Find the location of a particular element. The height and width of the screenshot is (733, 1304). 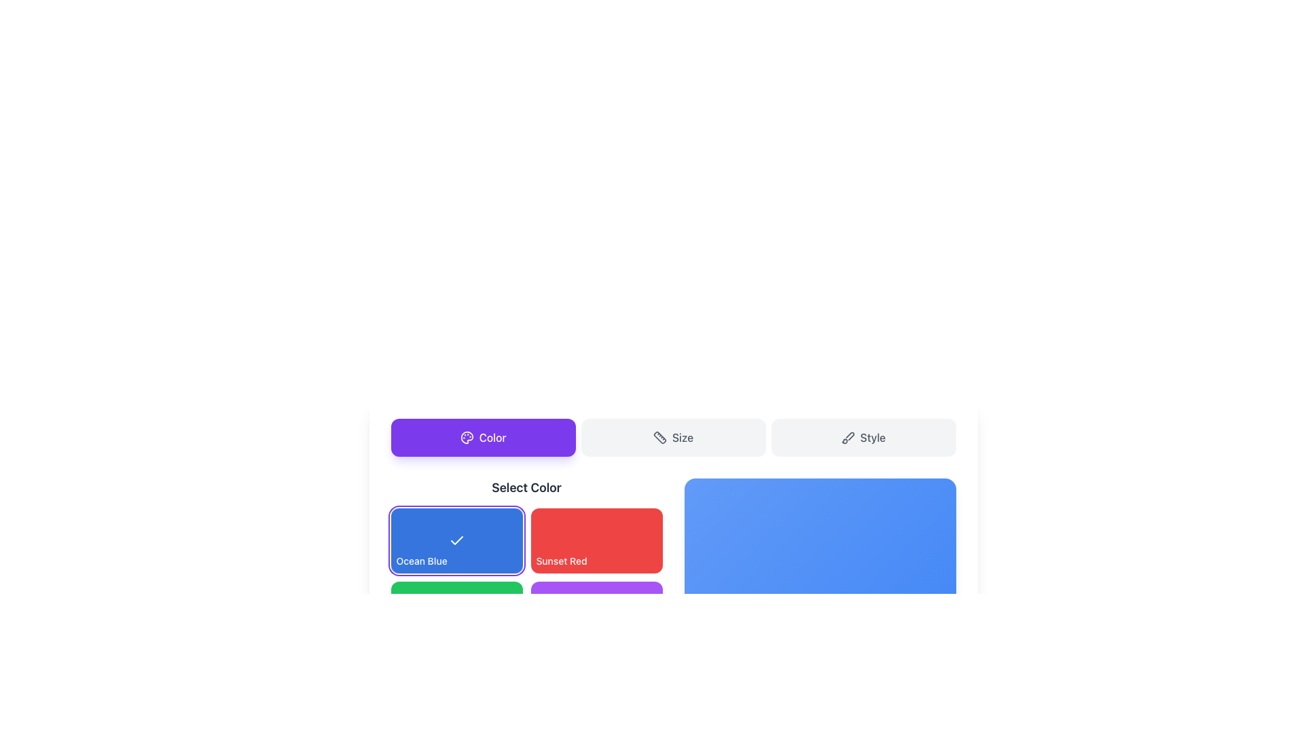

text element that serves as a descriptor or heading for the color options section, which is positioned centrally at the top of the vertical layout is located at coordinates (526, 487).